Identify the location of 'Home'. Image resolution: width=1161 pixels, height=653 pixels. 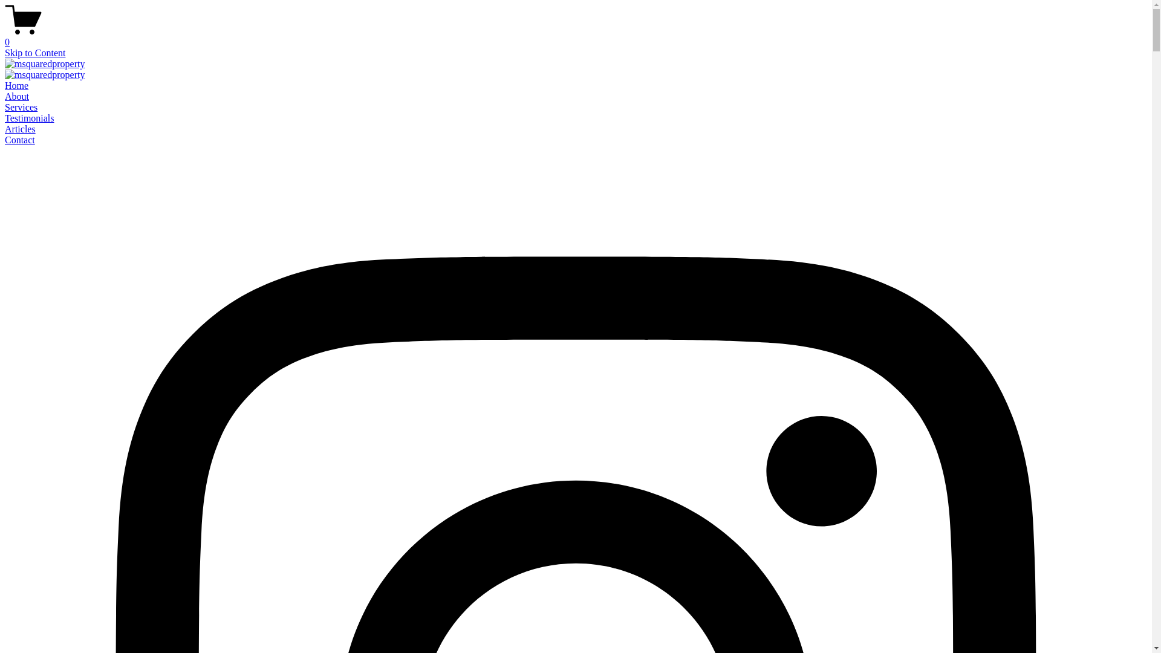
(16, 85).